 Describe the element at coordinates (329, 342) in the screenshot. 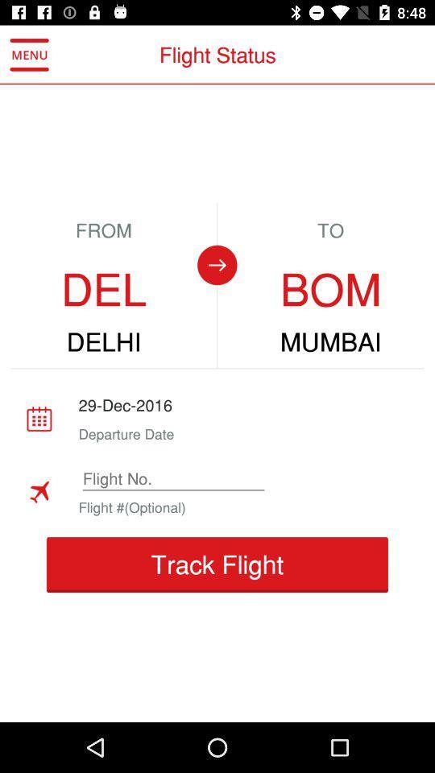

I see `item below bom icon` at that location.